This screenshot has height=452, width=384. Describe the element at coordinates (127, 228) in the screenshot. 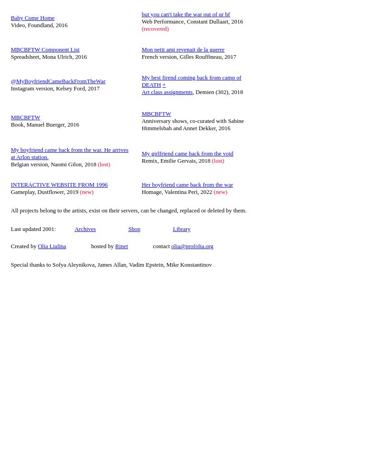

I see `'Shop'` at that location.